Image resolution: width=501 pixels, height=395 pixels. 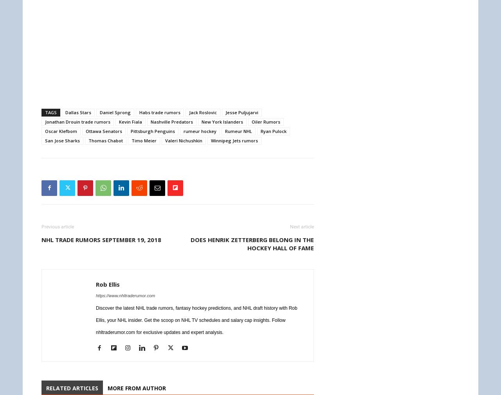 I want to click on 'Does Henrik Zetterberg belong in the Hockey Hall of Fame', so click(x=252, y=243).